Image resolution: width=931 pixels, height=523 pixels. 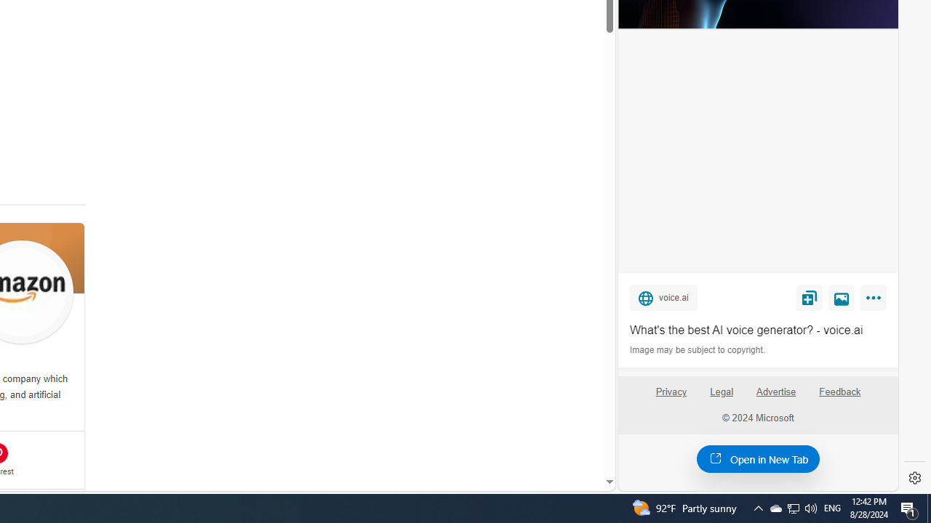 What do you see at coordinates (840, 391) in the screenshot?
I see `'Feedback'` at bounding box center [840, 391].